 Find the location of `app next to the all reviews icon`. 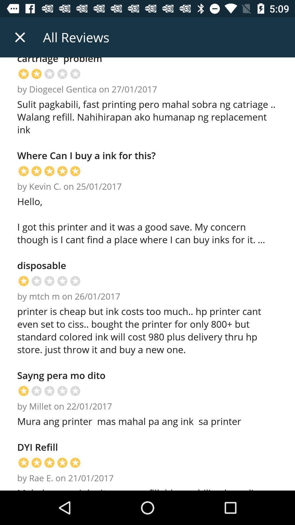

app next to the all reviews icon is located at coordinates (20, 37).